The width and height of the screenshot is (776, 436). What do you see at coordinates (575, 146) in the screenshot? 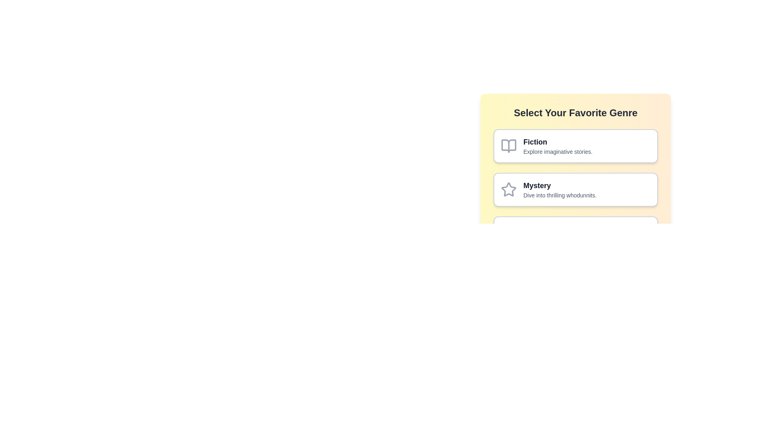
I see `the selectable card for the Fiction genre positioned at the top of the grid` at bounding box center [575, 146].